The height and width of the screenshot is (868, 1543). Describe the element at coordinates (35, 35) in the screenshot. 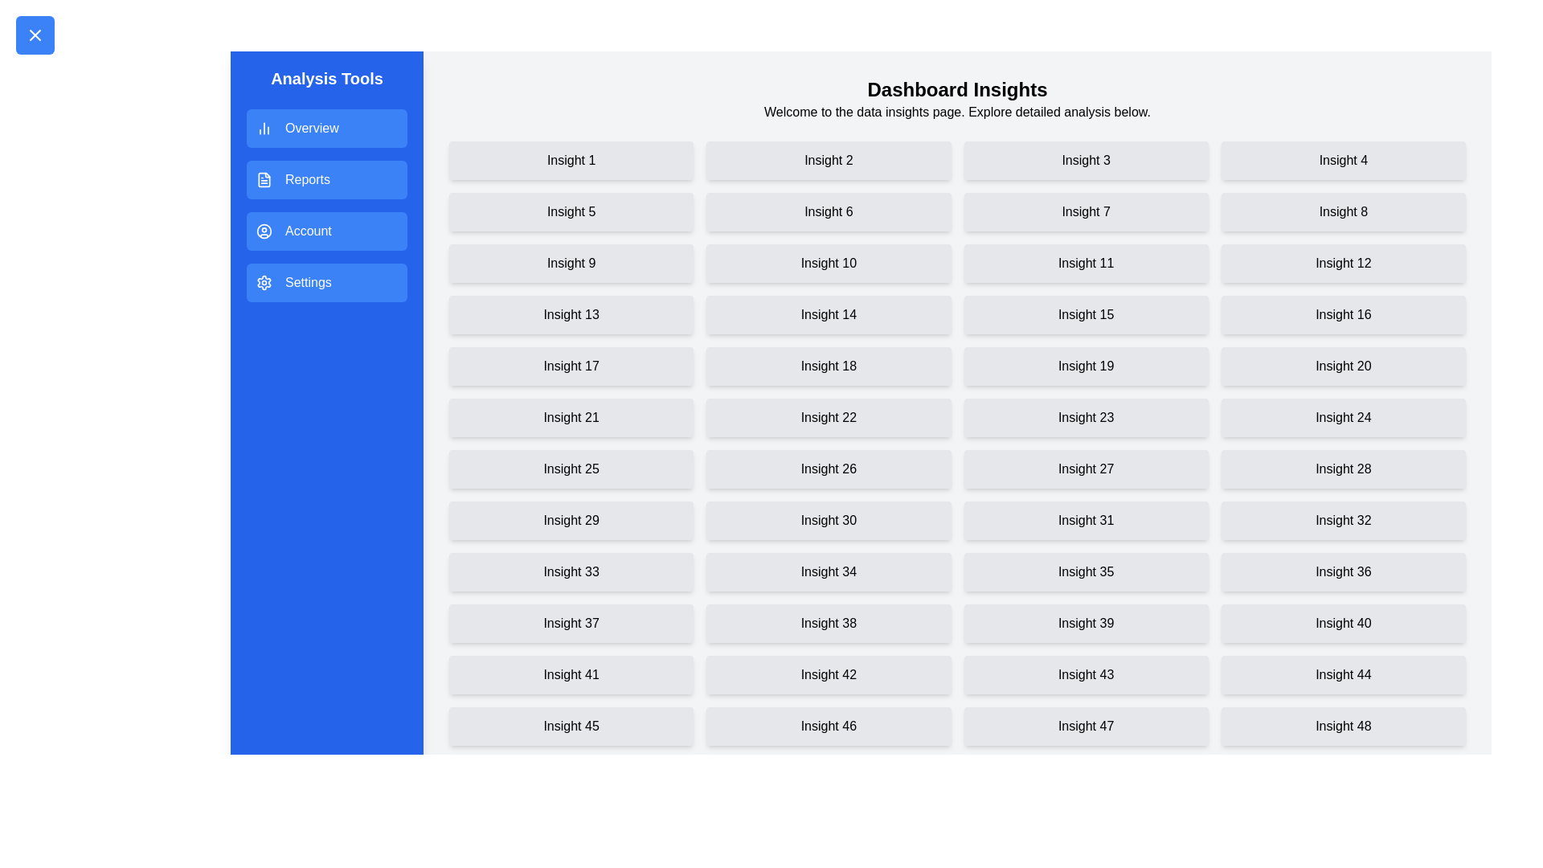

I see `toggle button to hide the drawer` at that location.